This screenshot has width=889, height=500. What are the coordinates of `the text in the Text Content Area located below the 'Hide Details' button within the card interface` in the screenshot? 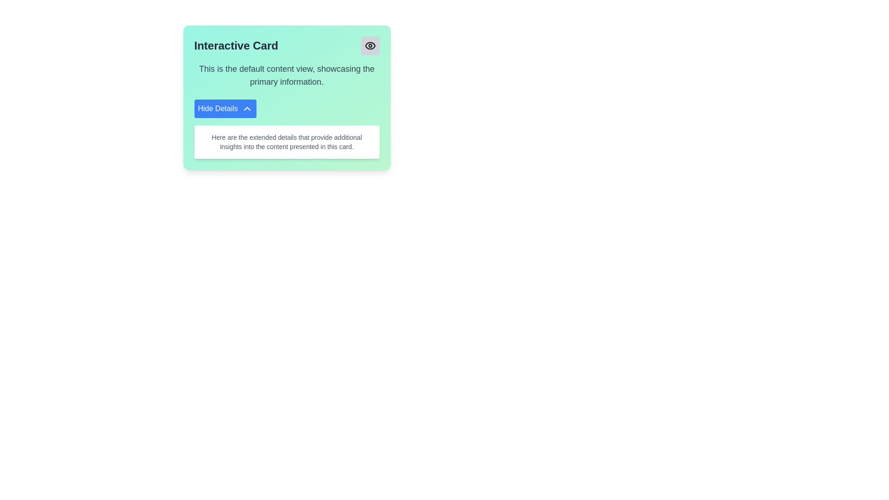 It's located at (286, 142).